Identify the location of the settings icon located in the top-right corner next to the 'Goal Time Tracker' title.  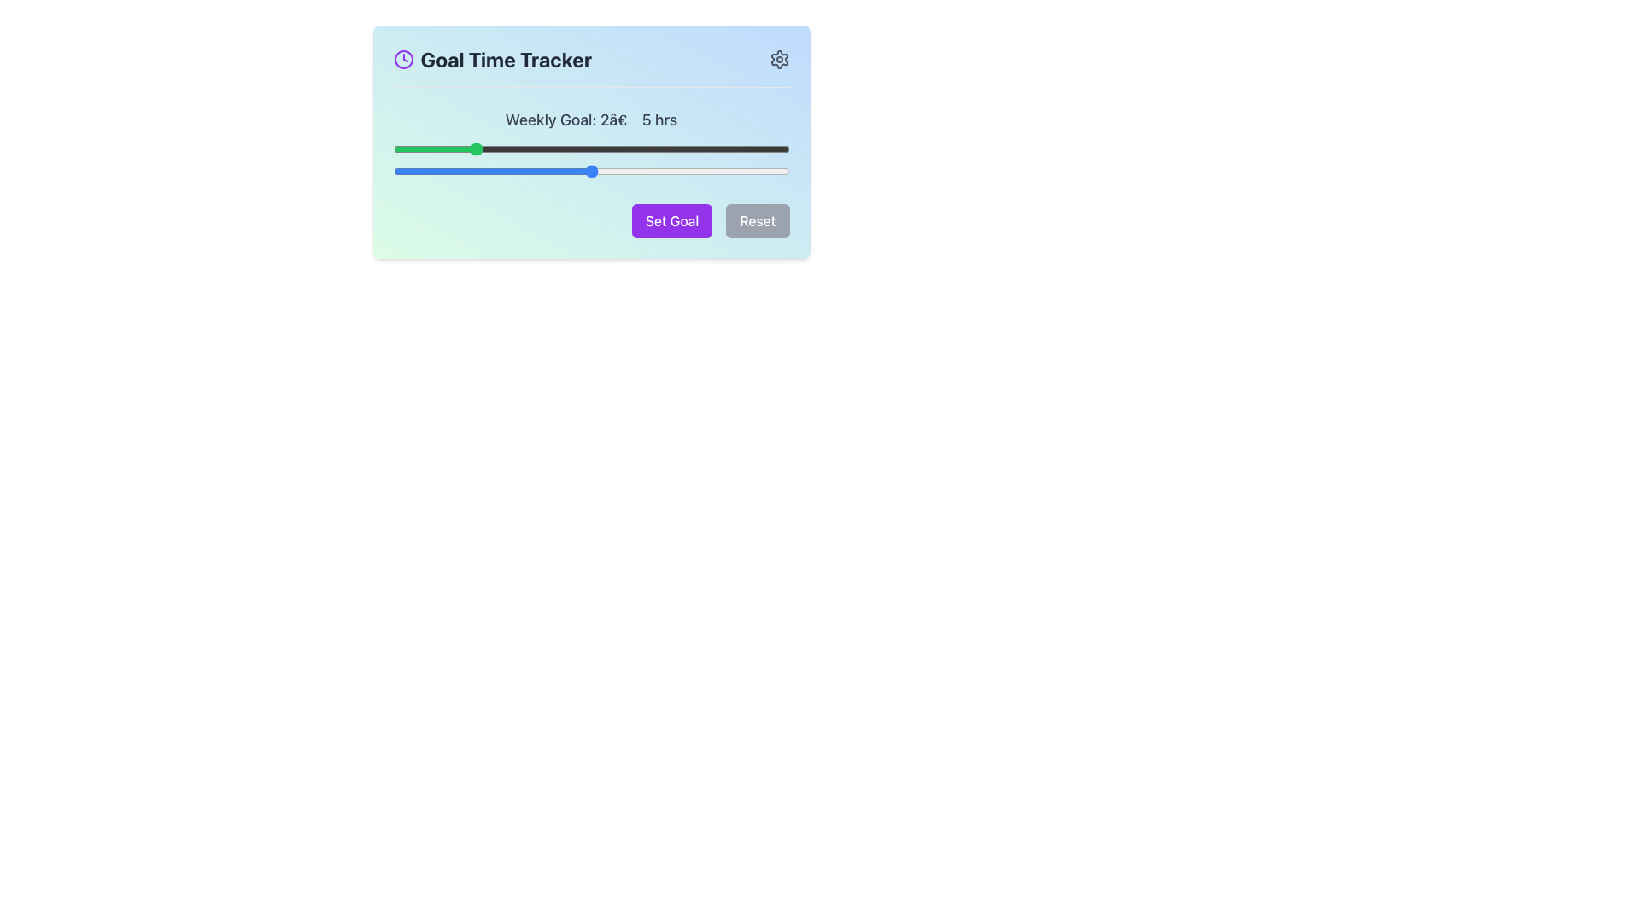
(778, 58).